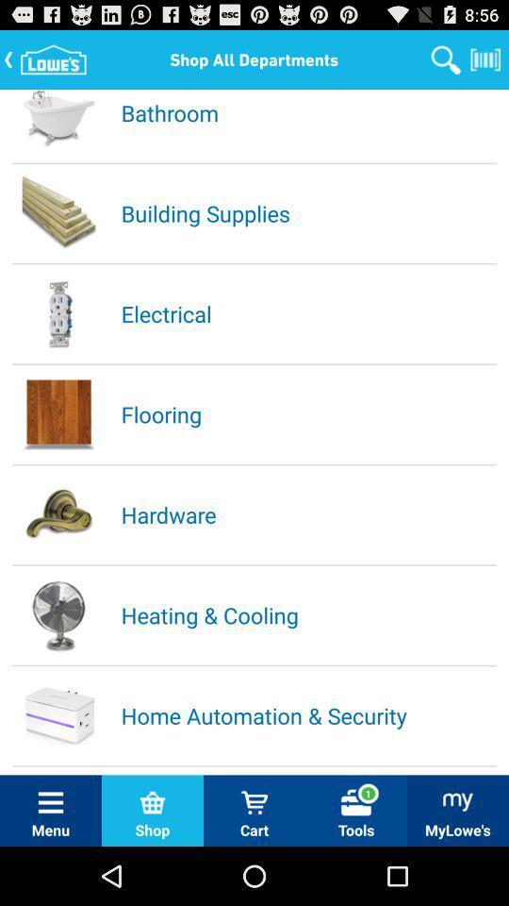 The image size is (509, 906). I want to click on building supplies icon, so click(307, 212).